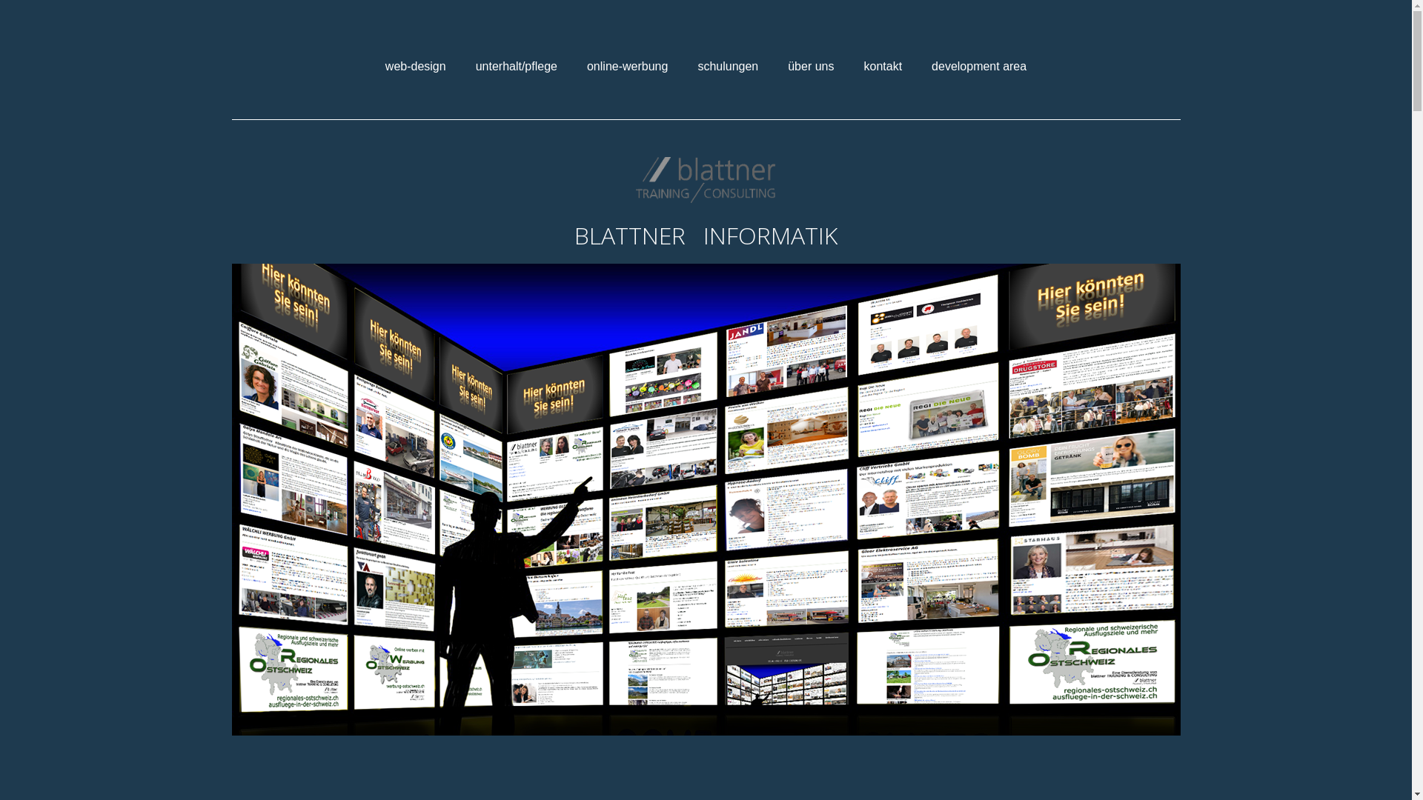 This screenshot has height=800, width=1423. What do you see at coordinates (882, 65) in the screenshot?
I see `'kontakt'` at bounding box center [882, 65].